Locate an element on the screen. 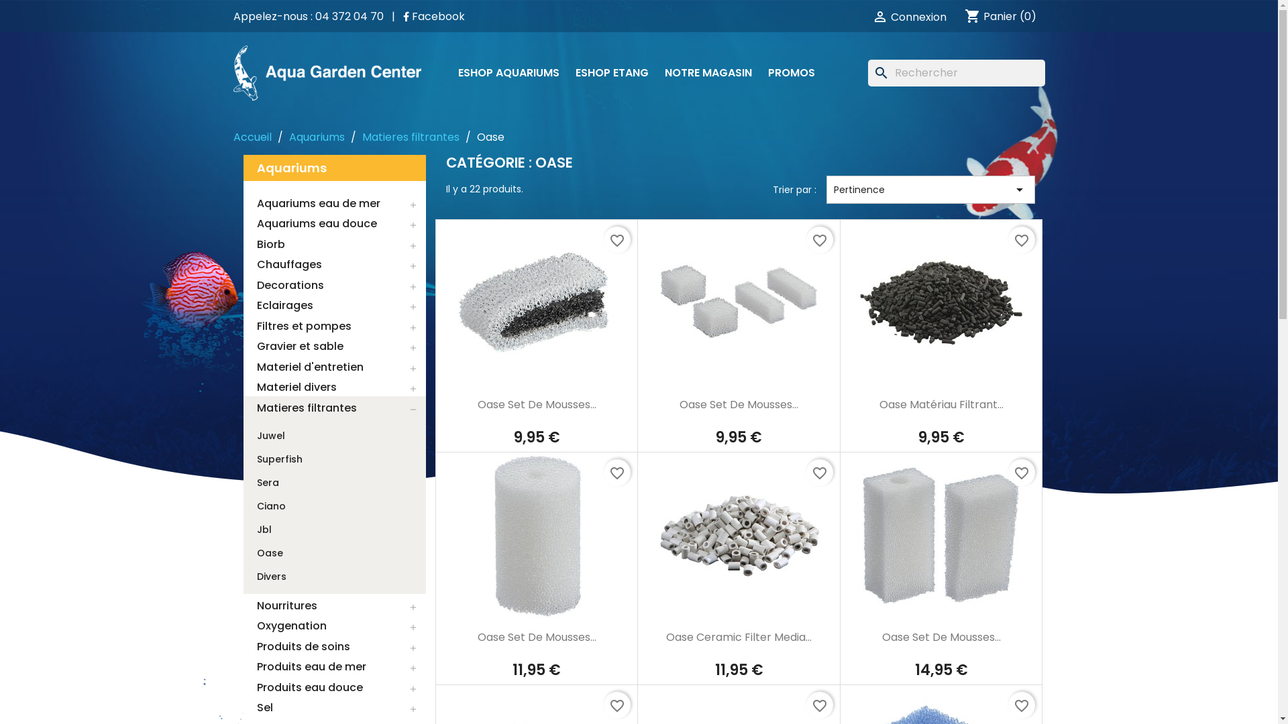 This screenshot has width=1288, height=724. 'Sel' is located at coordinates (334, 707).